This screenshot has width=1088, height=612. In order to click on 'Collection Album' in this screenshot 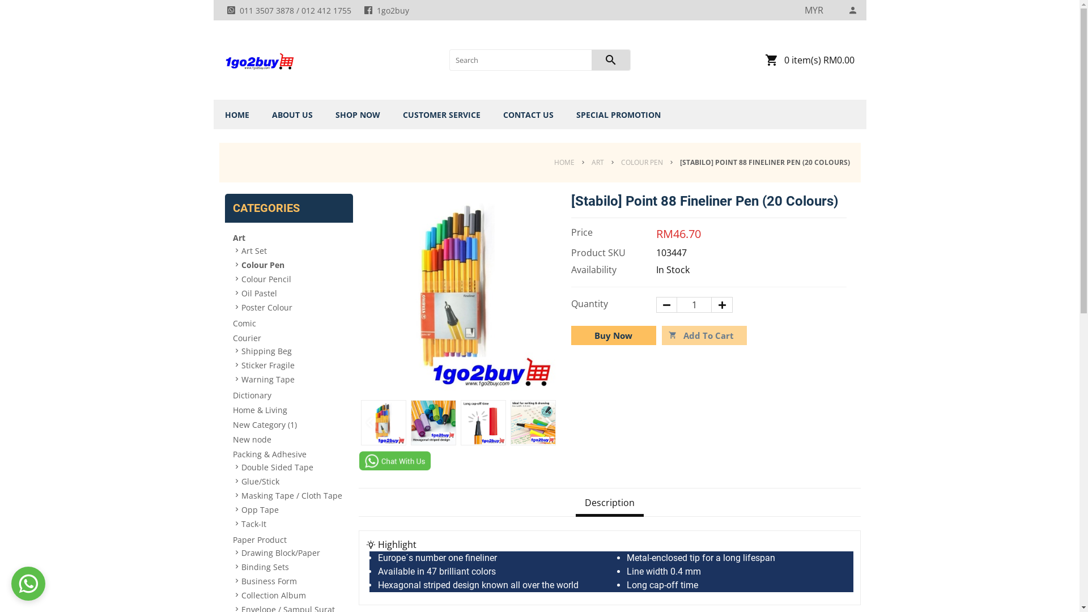, I will do `click(293, 594)`.